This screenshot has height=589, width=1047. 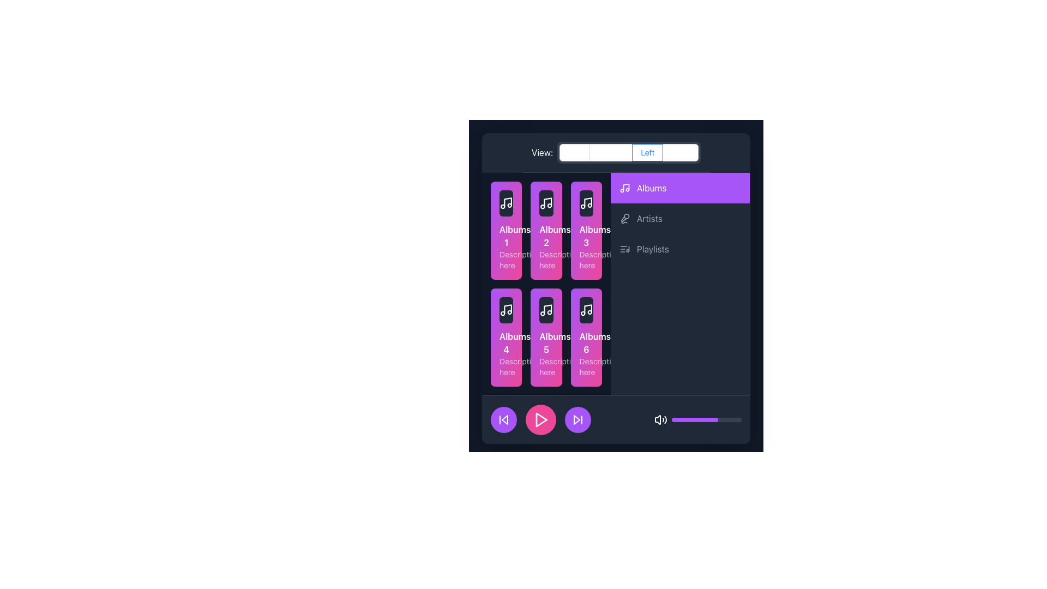 What do you see at coordinates (586, 342) in the screenshot?
I see `text content of the 'Albums 6' label, which is horizontally centered within the sixth tile of the Albums section grid` at bounding box center [586, 342].